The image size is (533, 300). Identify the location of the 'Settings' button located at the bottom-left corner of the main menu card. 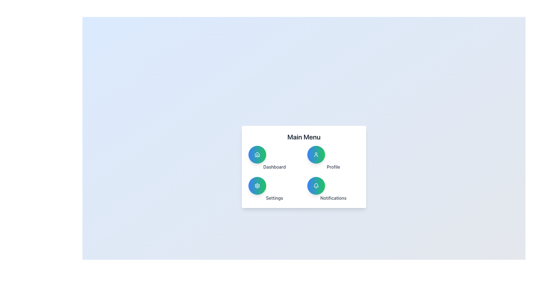
(274, 189).